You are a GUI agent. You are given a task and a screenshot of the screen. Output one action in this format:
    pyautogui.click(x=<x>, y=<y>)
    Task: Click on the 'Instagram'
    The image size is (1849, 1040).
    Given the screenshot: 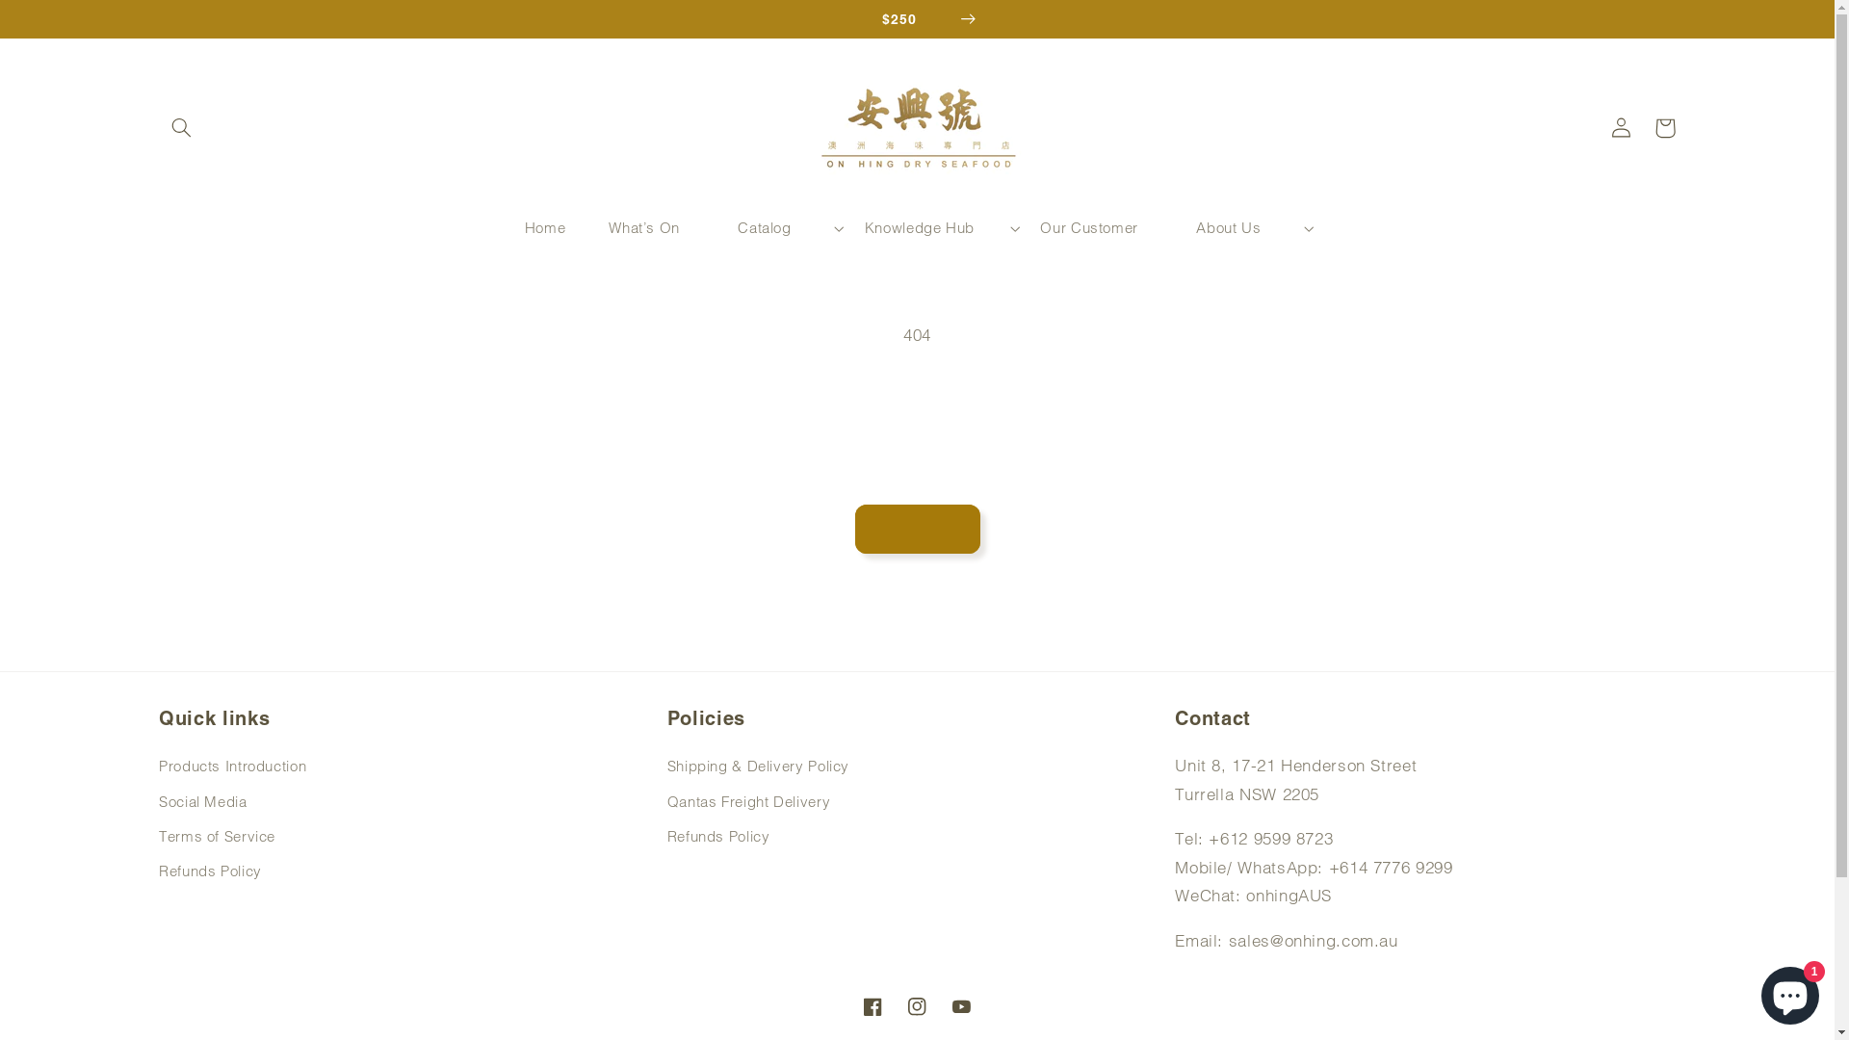 What is the action you would take?
    pyautogui.click(x=915, y=1005)
    